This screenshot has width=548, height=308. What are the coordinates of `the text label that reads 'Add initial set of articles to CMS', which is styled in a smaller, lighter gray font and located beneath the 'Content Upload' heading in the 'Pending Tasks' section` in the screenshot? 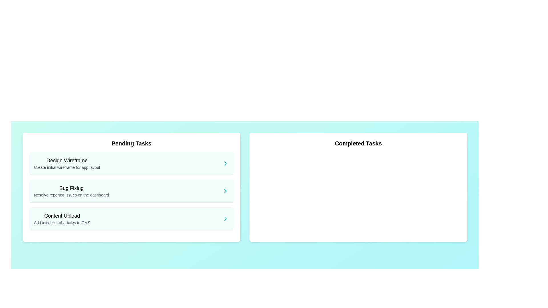 It's located at (62, 222).